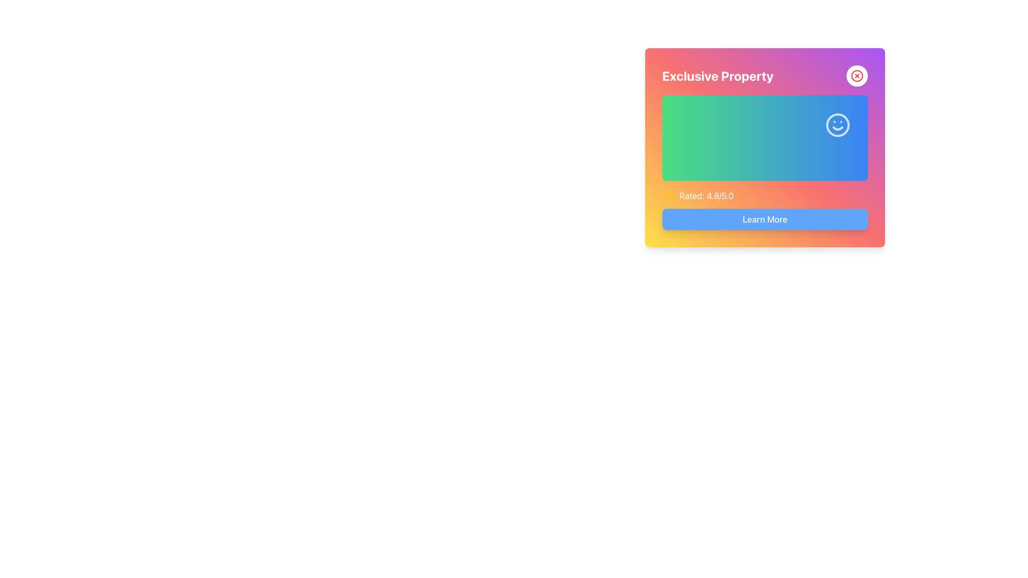  Describe the element at coordinates (765, 218) in the screenshot. I see `the 'Learn More' button located at the bottom of the card-like component` at that location.